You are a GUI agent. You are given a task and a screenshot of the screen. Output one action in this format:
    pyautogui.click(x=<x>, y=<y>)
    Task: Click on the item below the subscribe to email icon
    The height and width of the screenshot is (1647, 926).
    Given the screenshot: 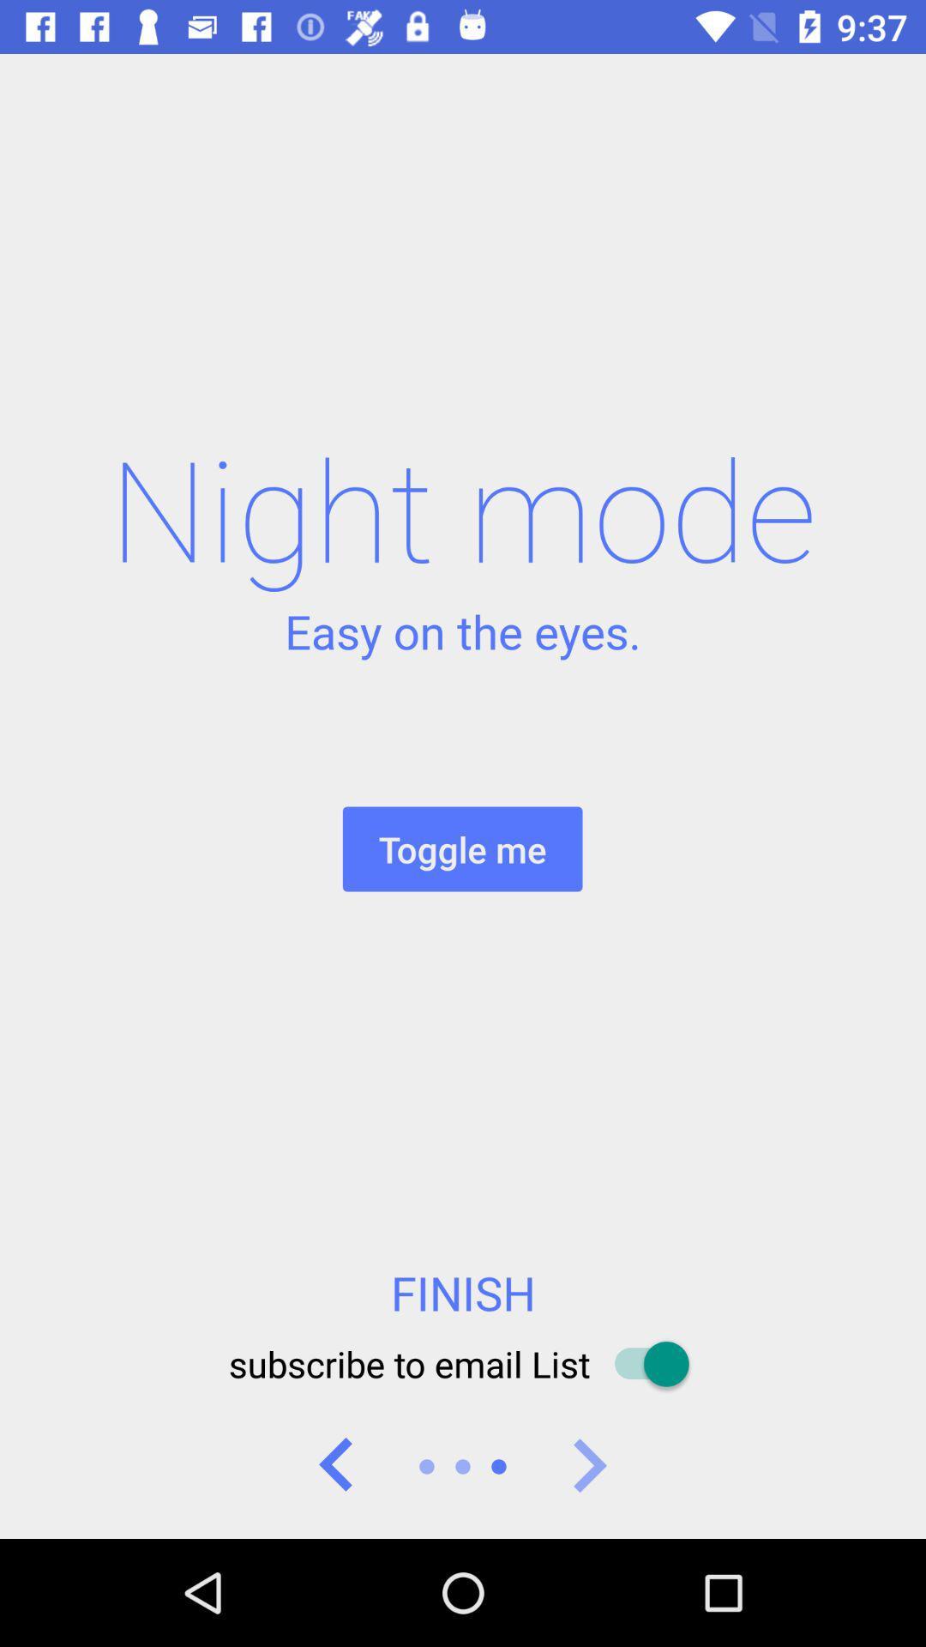 What is the action you would take?
    pyautogui.click(x=337, y=1465)
    